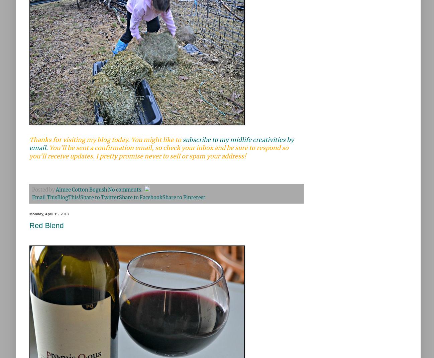 This screenshot has width=434, height=358. Describe the element at coordinates (183, 197) in the screenshot. I see `'Share to Pinterest'` at that location.